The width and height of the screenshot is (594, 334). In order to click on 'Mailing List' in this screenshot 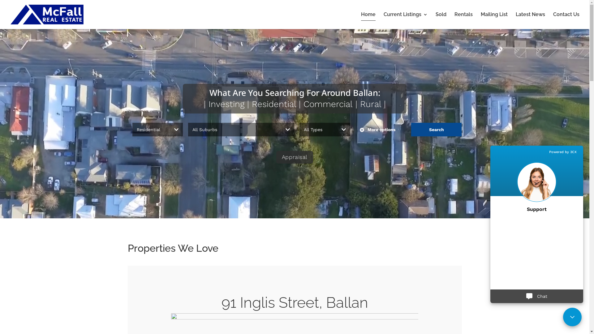, I will do `click(494, 20)`.